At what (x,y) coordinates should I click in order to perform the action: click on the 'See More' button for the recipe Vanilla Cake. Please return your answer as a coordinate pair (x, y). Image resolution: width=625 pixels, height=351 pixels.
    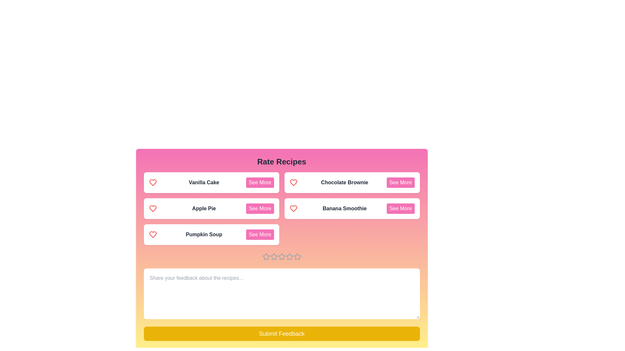
    Looking at the image, I should click on (259, 183).